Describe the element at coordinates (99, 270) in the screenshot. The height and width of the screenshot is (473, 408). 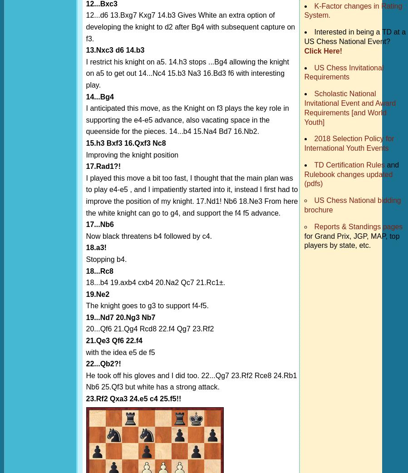
I see `'18...Rc8'` at that location.